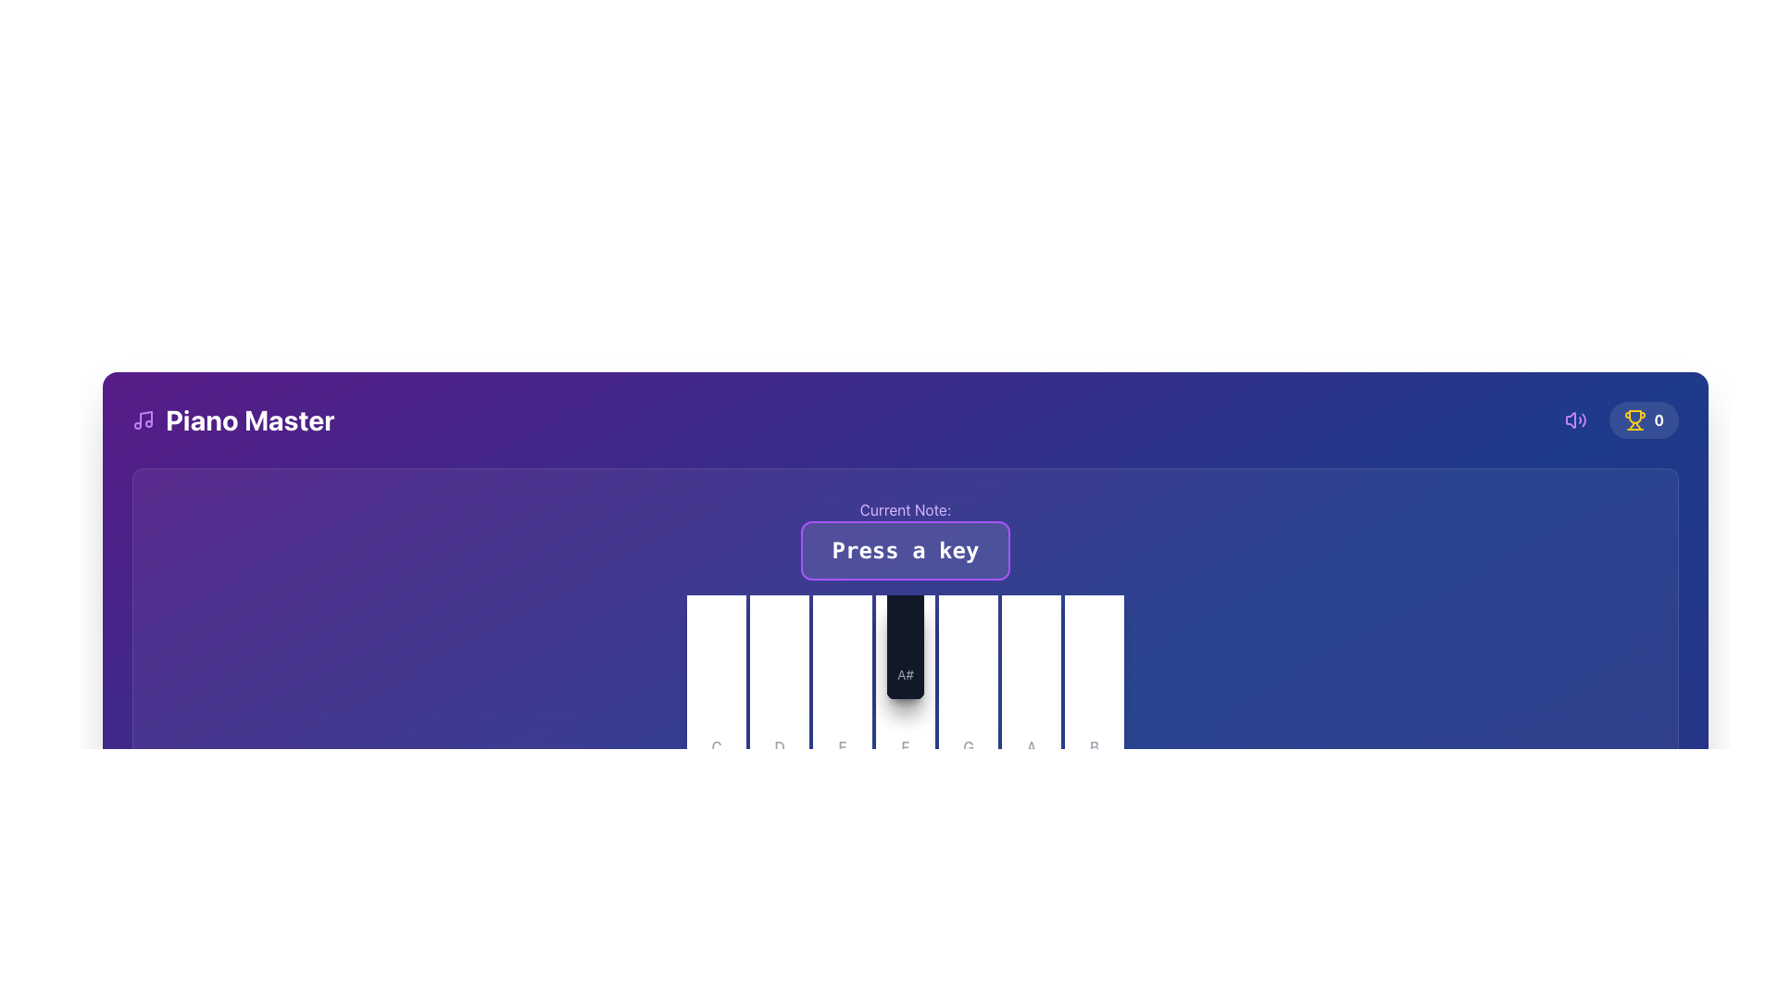  Describe the element at coordinates (779, 684) in the screenshot. I see `the second white key from the left in the piano key representation to play the 'D' note` at that location.